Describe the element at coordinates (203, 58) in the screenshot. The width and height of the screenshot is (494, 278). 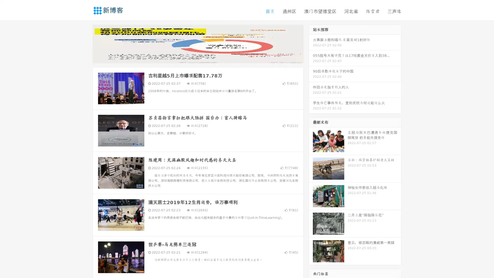
I see `Go to slide 3` at that location.